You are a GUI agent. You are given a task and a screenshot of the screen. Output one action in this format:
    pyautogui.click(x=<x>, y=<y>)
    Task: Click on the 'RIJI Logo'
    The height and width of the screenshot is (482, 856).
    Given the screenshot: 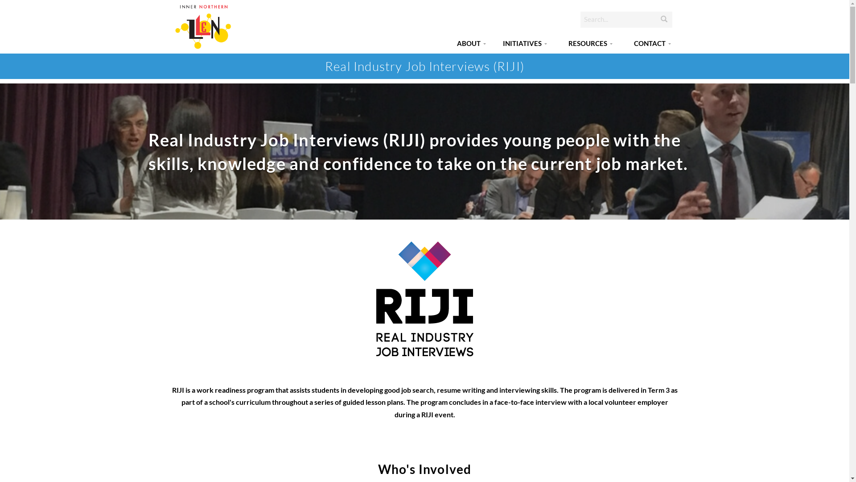 What is the action you would take?
    pyautogui.click(x=424, y=297)
    